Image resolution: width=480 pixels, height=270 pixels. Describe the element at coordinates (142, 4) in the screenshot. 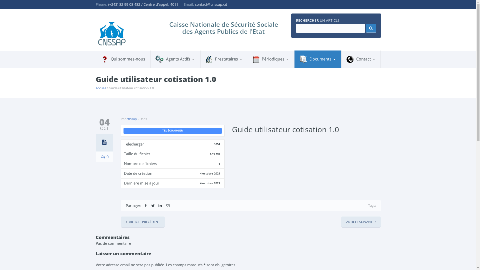

I see `'(+243) 82 99 08 482 / Centre d'appel: 4011'` at that location.